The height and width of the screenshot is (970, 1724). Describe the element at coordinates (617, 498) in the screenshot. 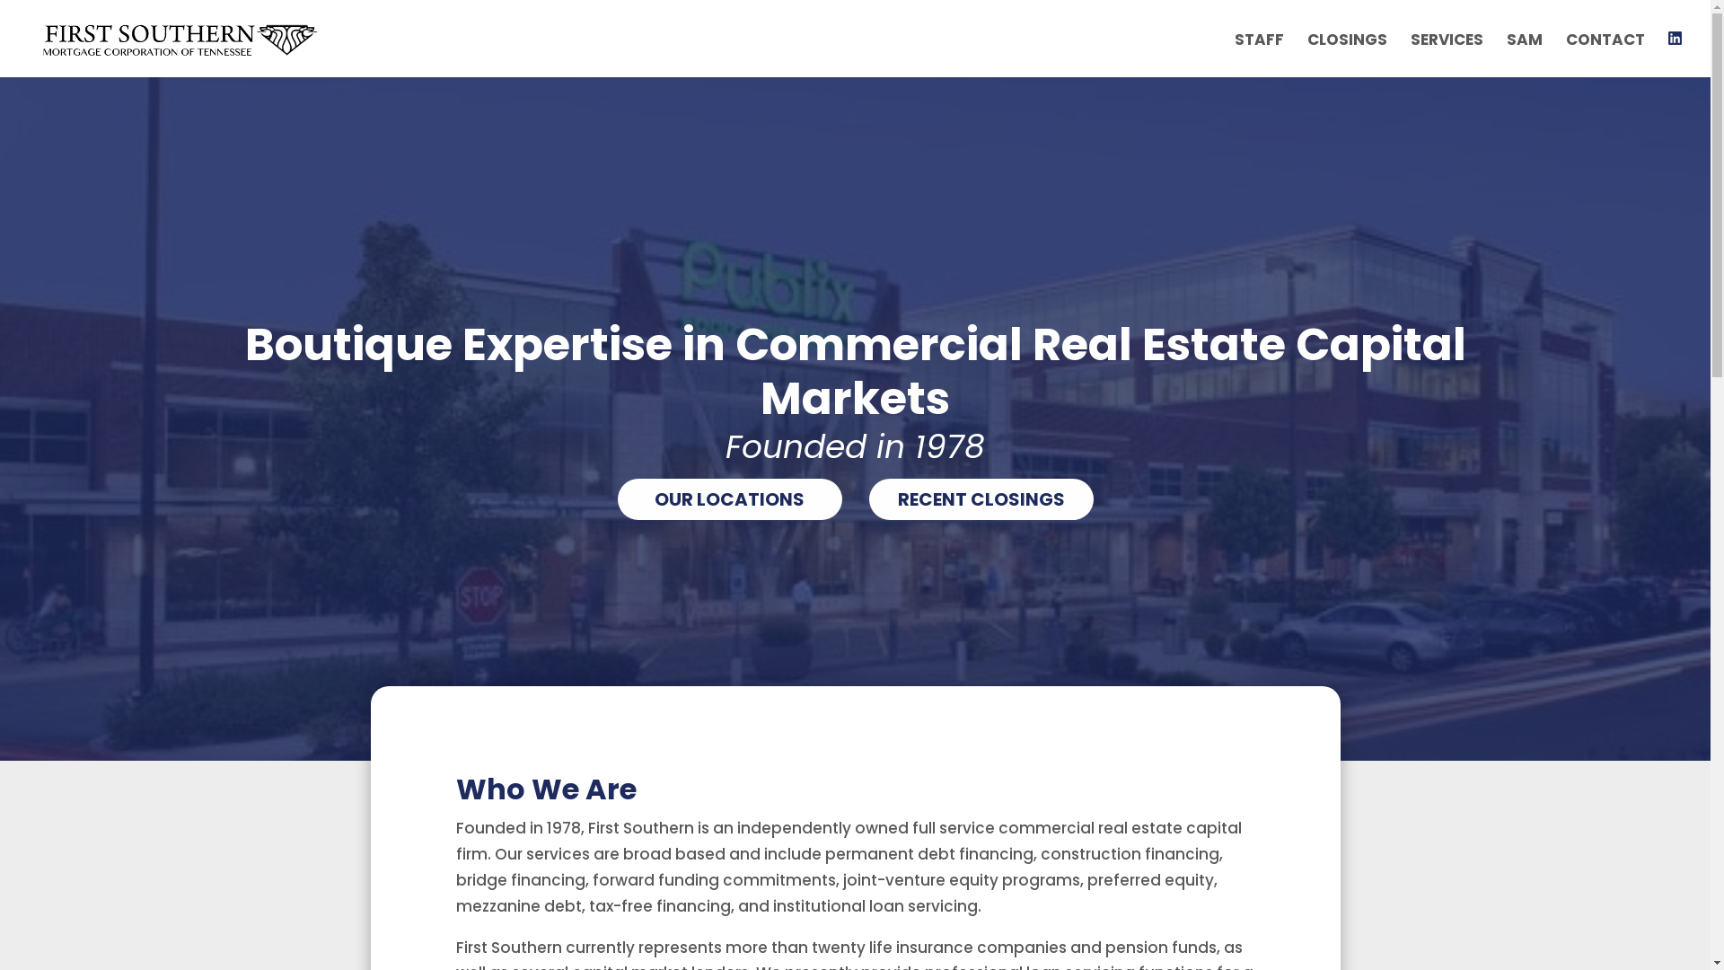

I see `'OUR LOCATIONS'` at that location.